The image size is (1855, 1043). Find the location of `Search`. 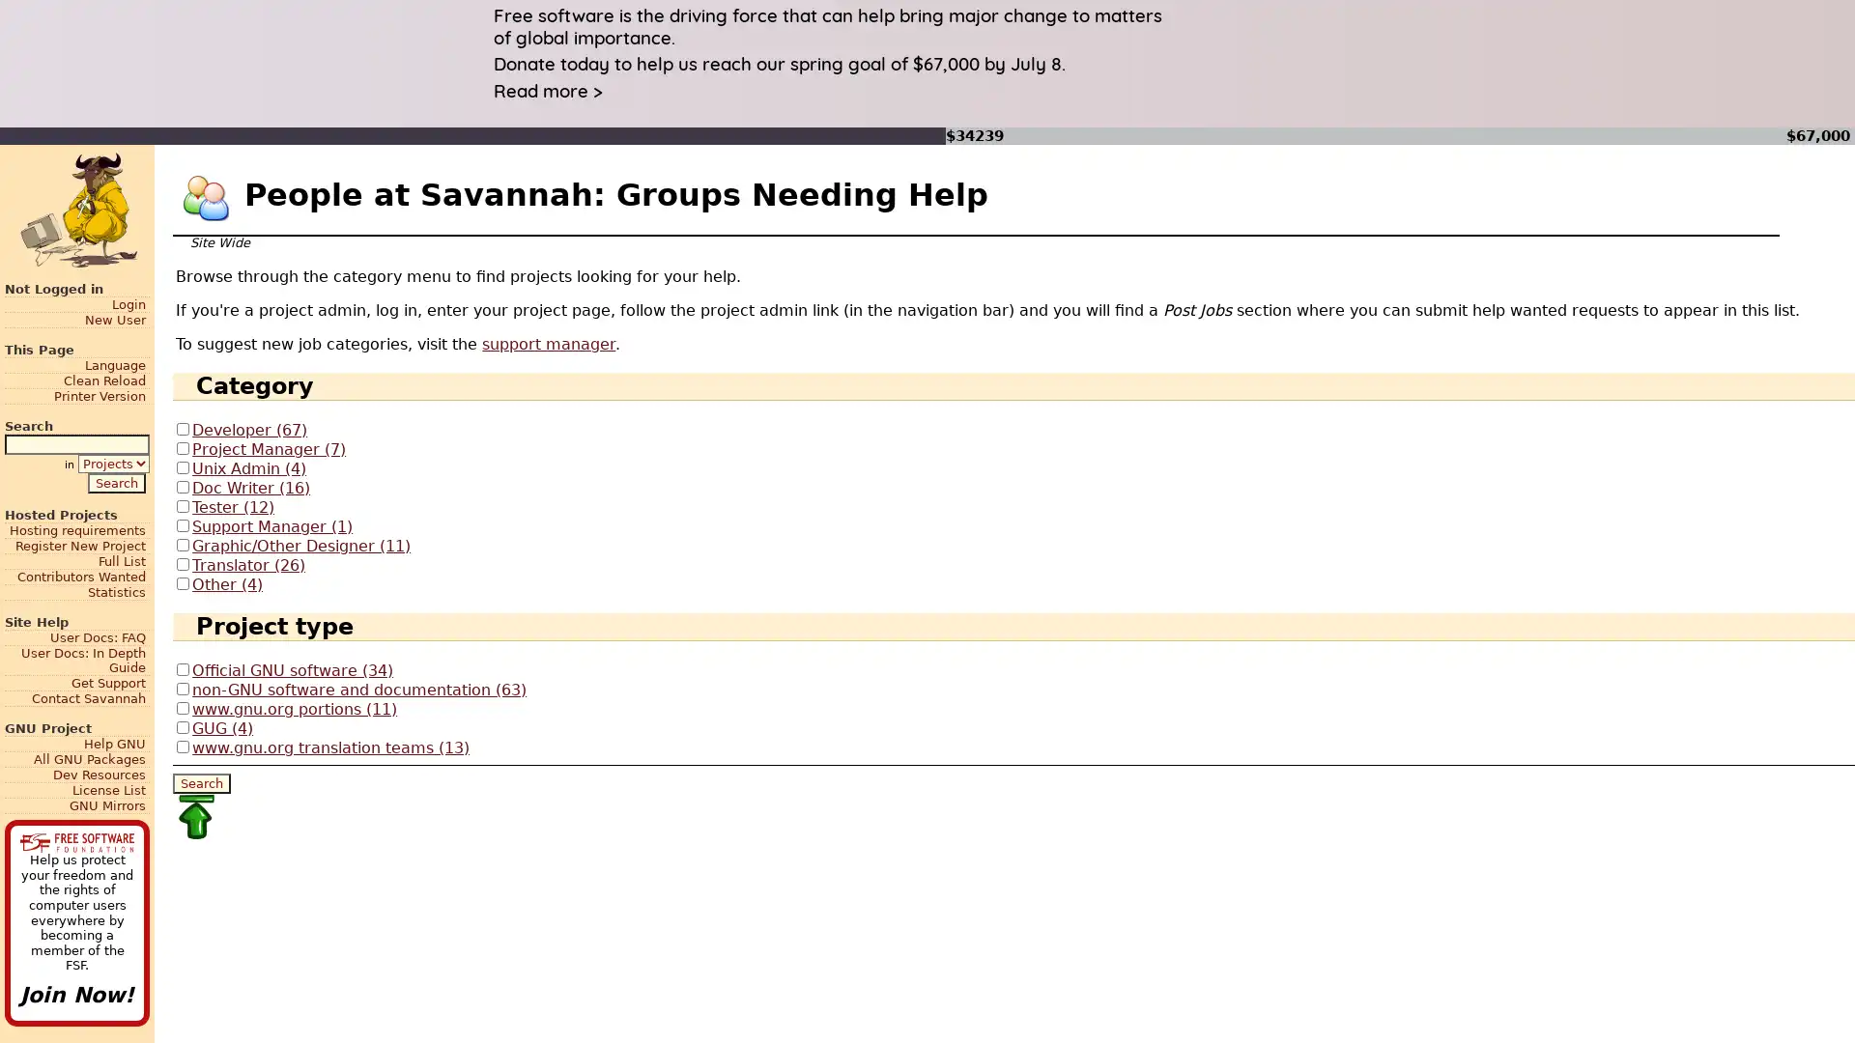

Search is located at coordinates (202, 782).